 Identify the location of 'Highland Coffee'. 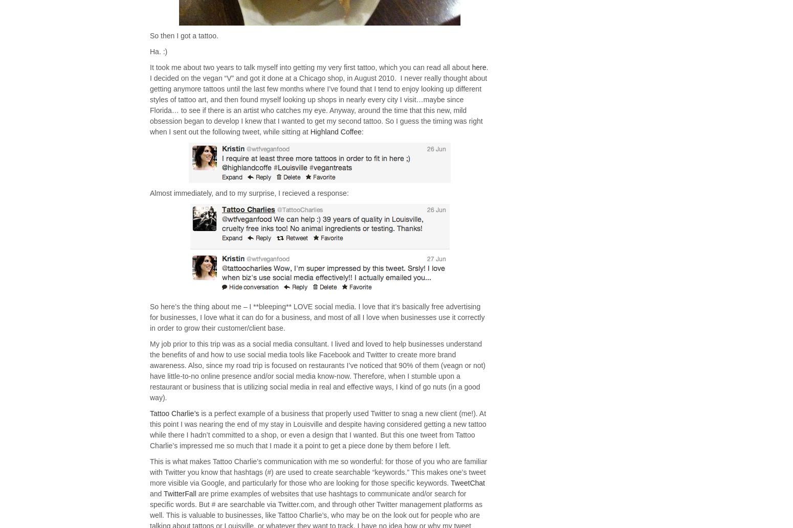
(335, 131).